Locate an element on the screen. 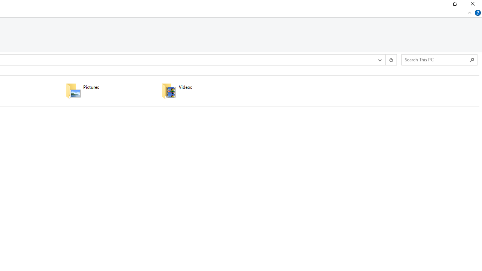 This screenshot has height=271, width=482. 'Videos' is located at coordinates (204, 90).